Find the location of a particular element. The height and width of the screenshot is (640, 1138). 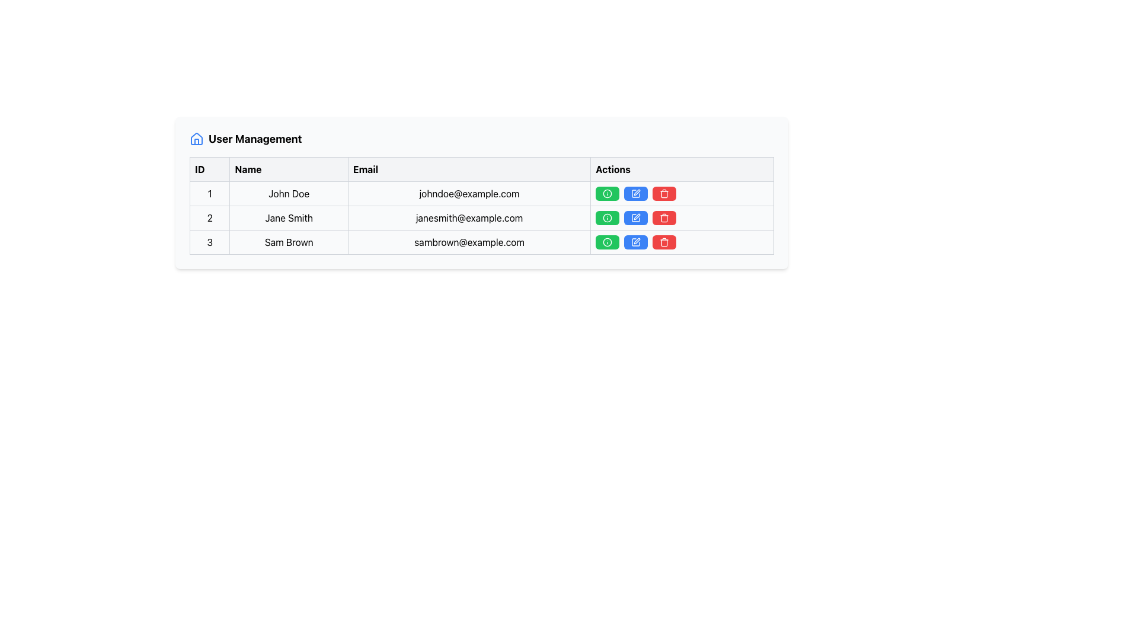

the red trash can icon located in the third action button from the left under the 'Actions' column for the user 'Sam Brown' to initiate the delete action is located at coordinates (664, 193).